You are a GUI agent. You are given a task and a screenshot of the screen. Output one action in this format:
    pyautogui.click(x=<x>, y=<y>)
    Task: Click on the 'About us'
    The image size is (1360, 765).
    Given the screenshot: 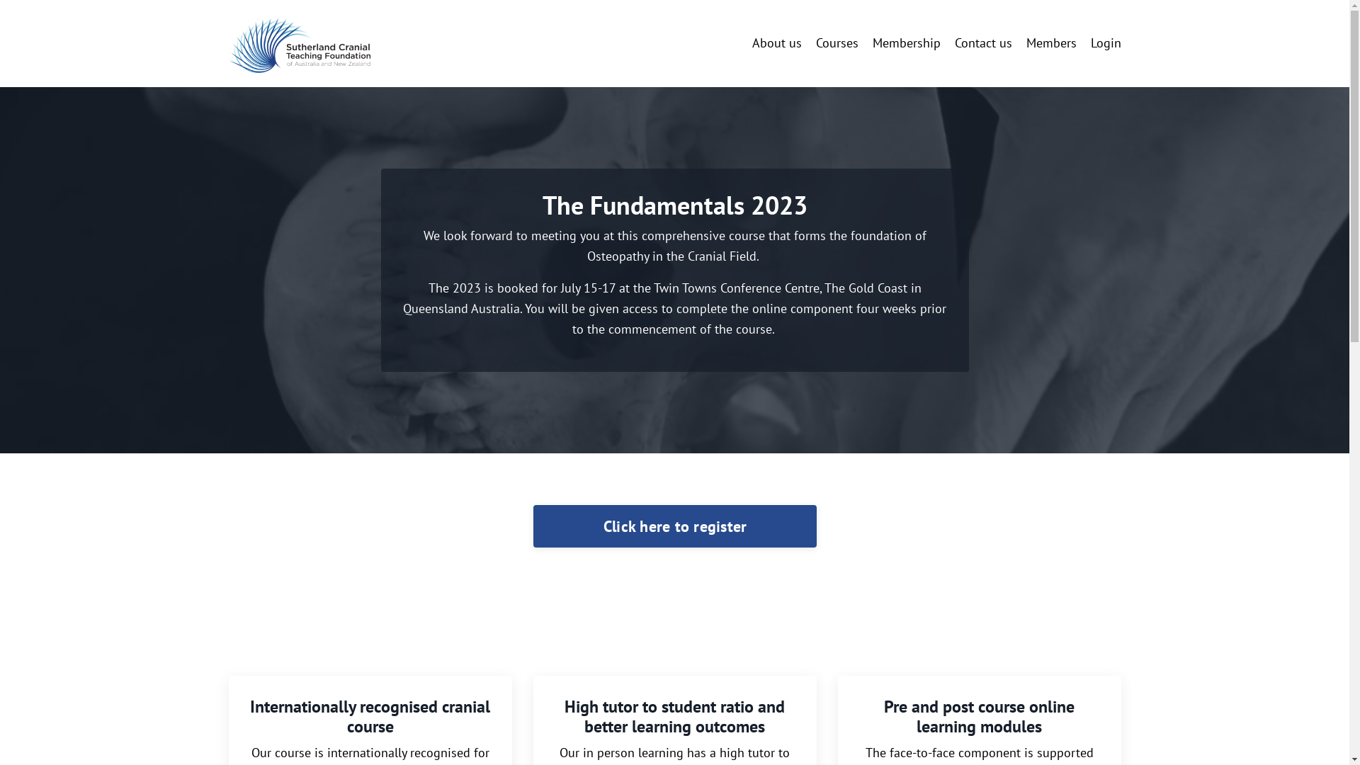 What is the action you would take?
    pyautogui.click(x=776, y=42)
    